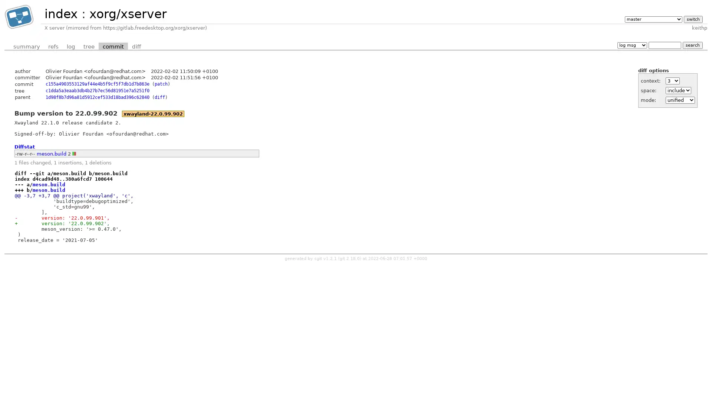 The height and width of the screenshot is (400, 712). I want to click on switch, so click(692, 19).